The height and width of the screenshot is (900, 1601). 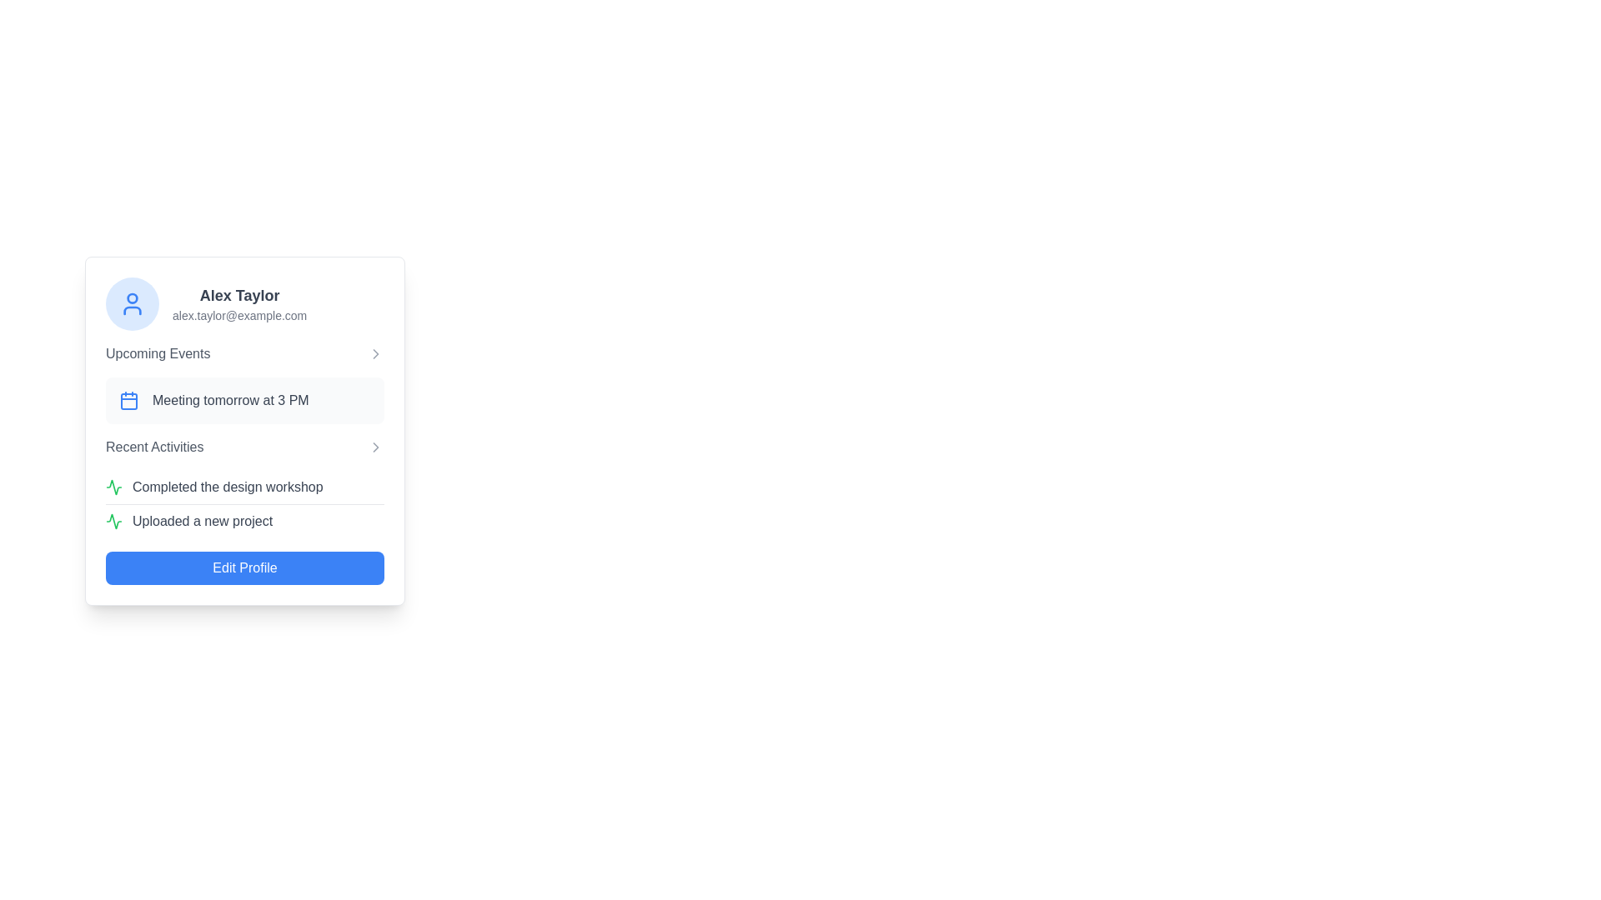 I want to click on the blue human figure icon located in the top-left section of the card UI, so click(x=131, y=304).